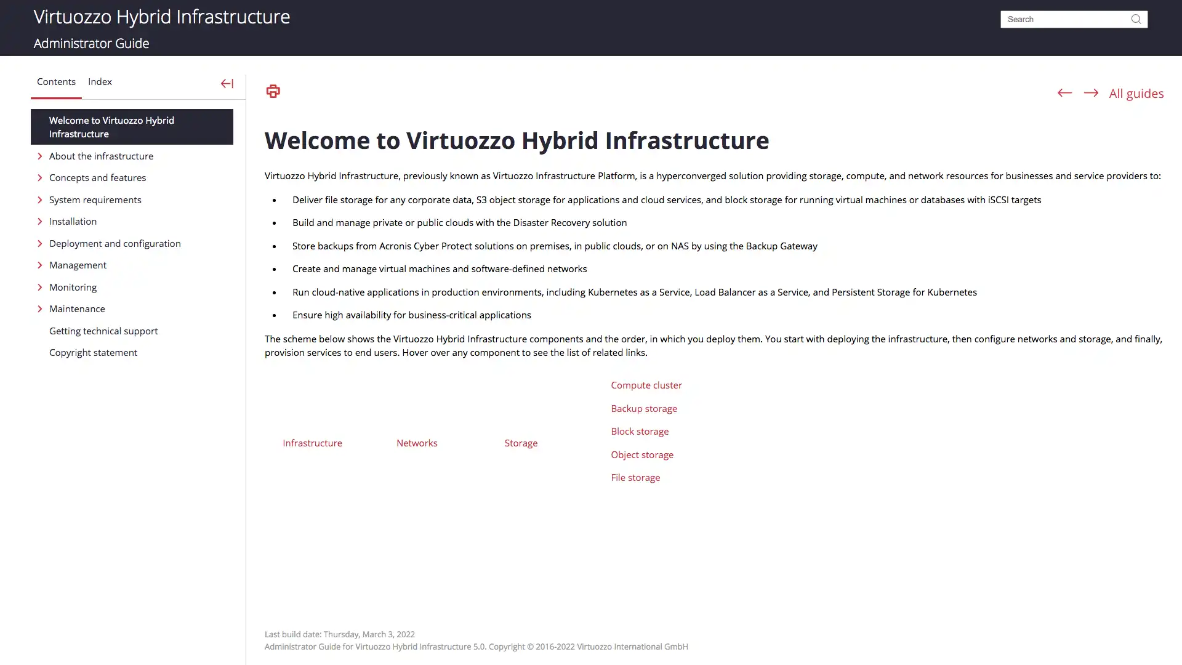 The image size is (1182, 665). I want to click on Table of Contents, so click(58, 84).